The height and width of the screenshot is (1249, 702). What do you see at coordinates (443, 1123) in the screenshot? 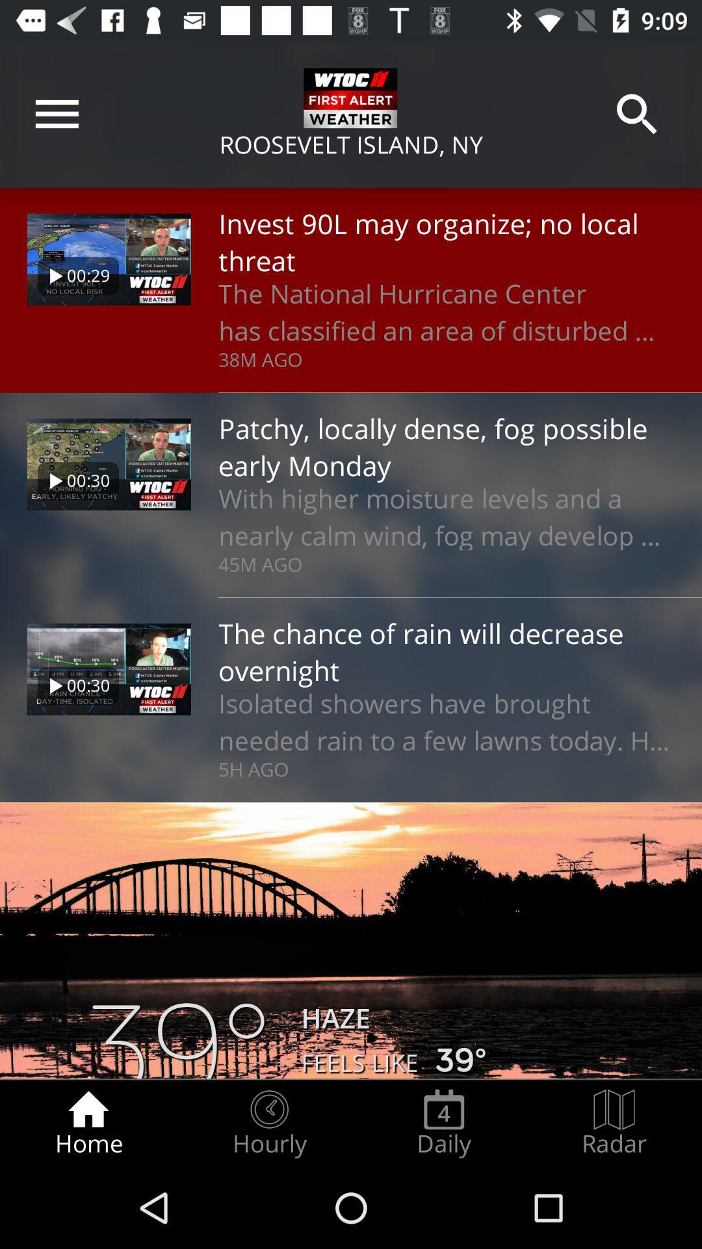
I see `the radio button to the left of the radar radio button` at bounding box center [443, 1123].